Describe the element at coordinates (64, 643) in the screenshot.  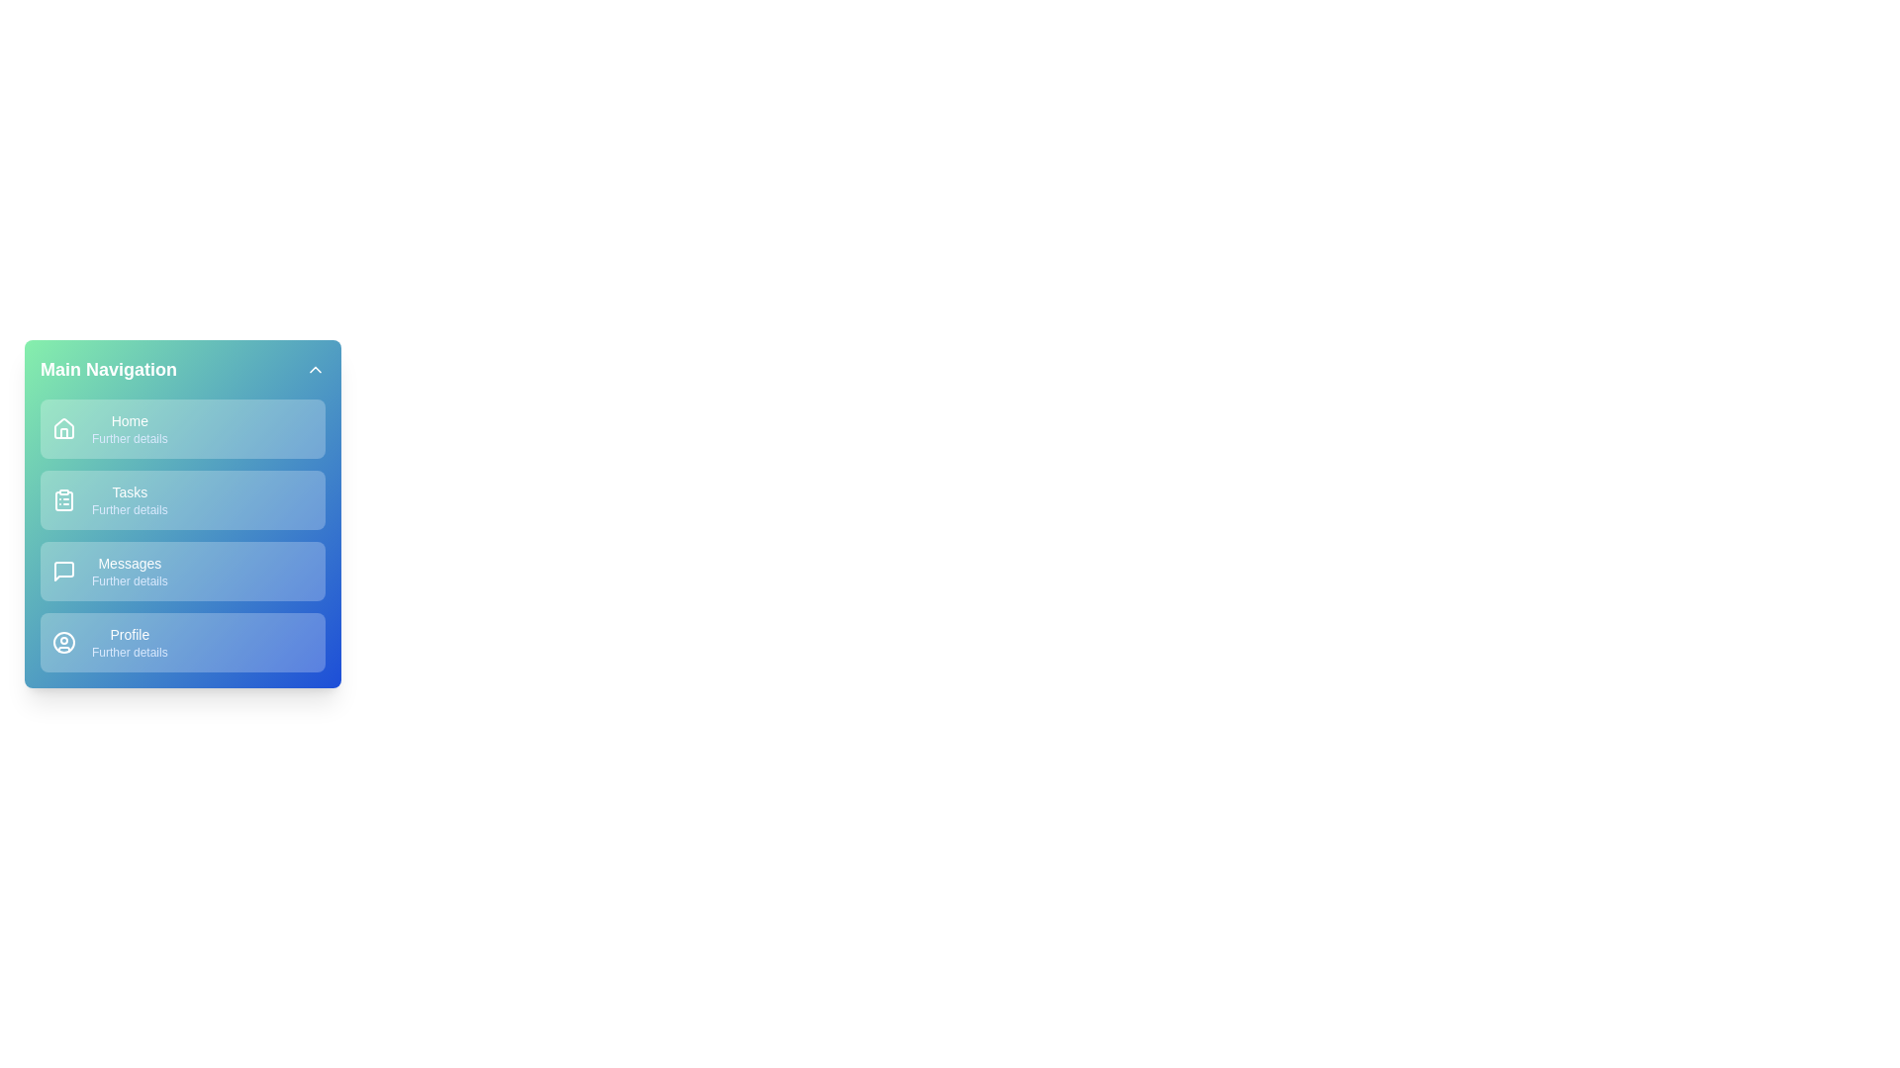
I see `the icon of the menu item labeled Profile` at that location.